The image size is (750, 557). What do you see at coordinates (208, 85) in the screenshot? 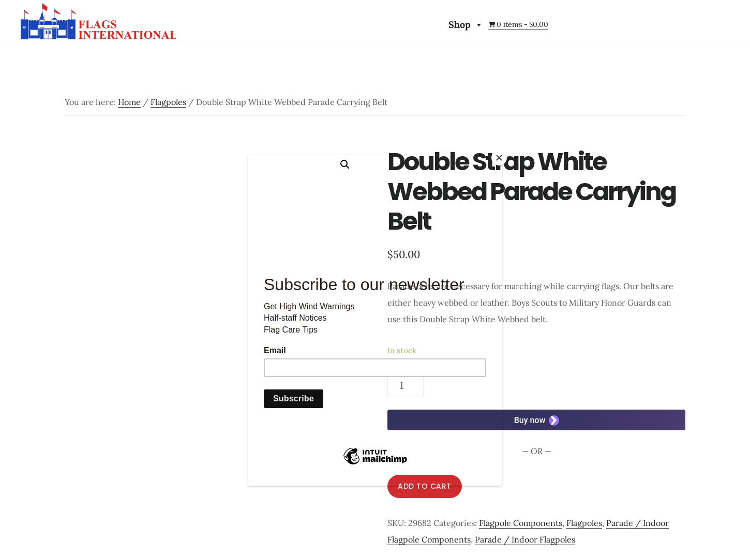
I see `'Civil Service Flags'` at bounding box center [208, 85].